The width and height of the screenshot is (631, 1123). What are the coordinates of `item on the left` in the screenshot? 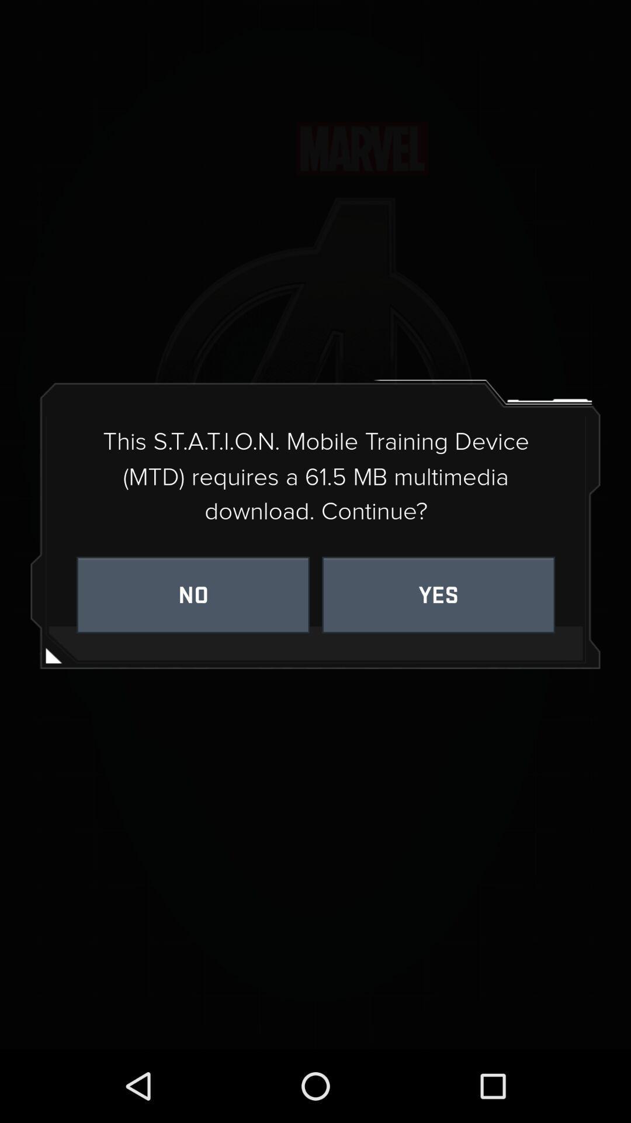 It's located at (192, 595).